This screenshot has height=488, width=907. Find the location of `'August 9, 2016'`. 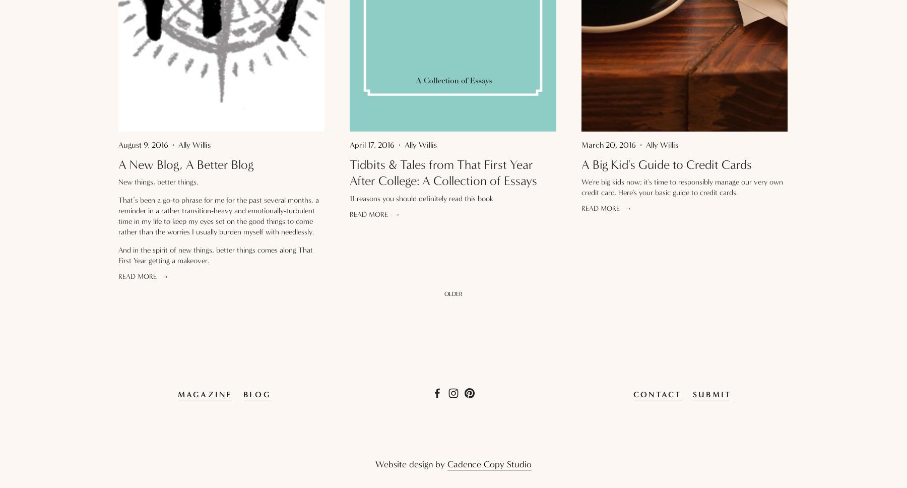

'August 9, 2016' is located at coordinates (143, 144).